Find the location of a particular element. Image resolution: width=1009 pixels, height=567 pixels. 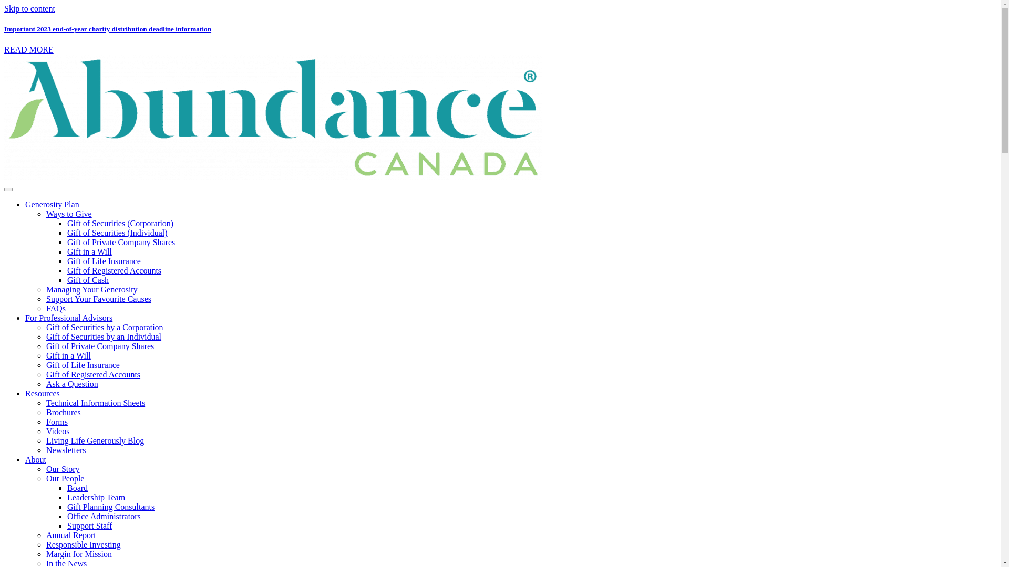

'Gift of Cash' is located at coordinates (88, 279).